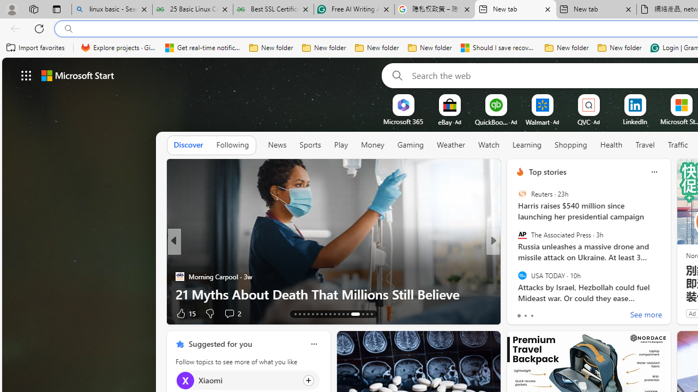 The height and width of the screenshot is (392, 698). I want to click on 'linux basic - Search', so click(112, 9).